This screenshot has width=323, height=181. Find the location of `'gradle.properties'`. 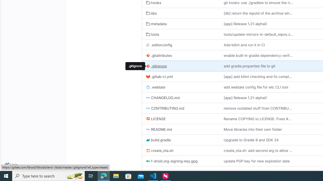

'gradle.properties' is located at coordinates (181, 171).